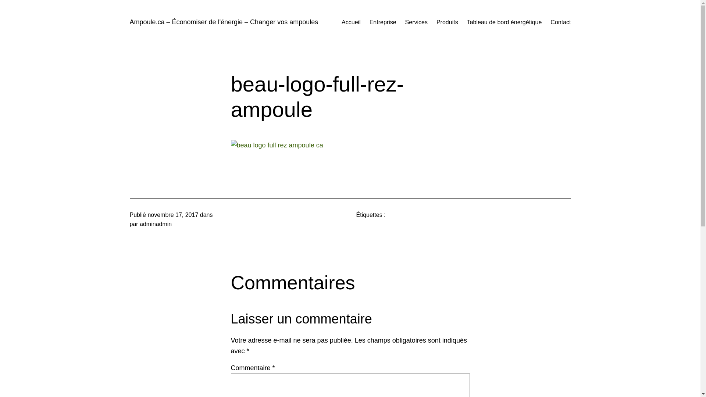 This screenshot has width=706, height=397. Describe the element at coordinates (341, 22) in the screenshot. I see `'Accueil'` at that location.